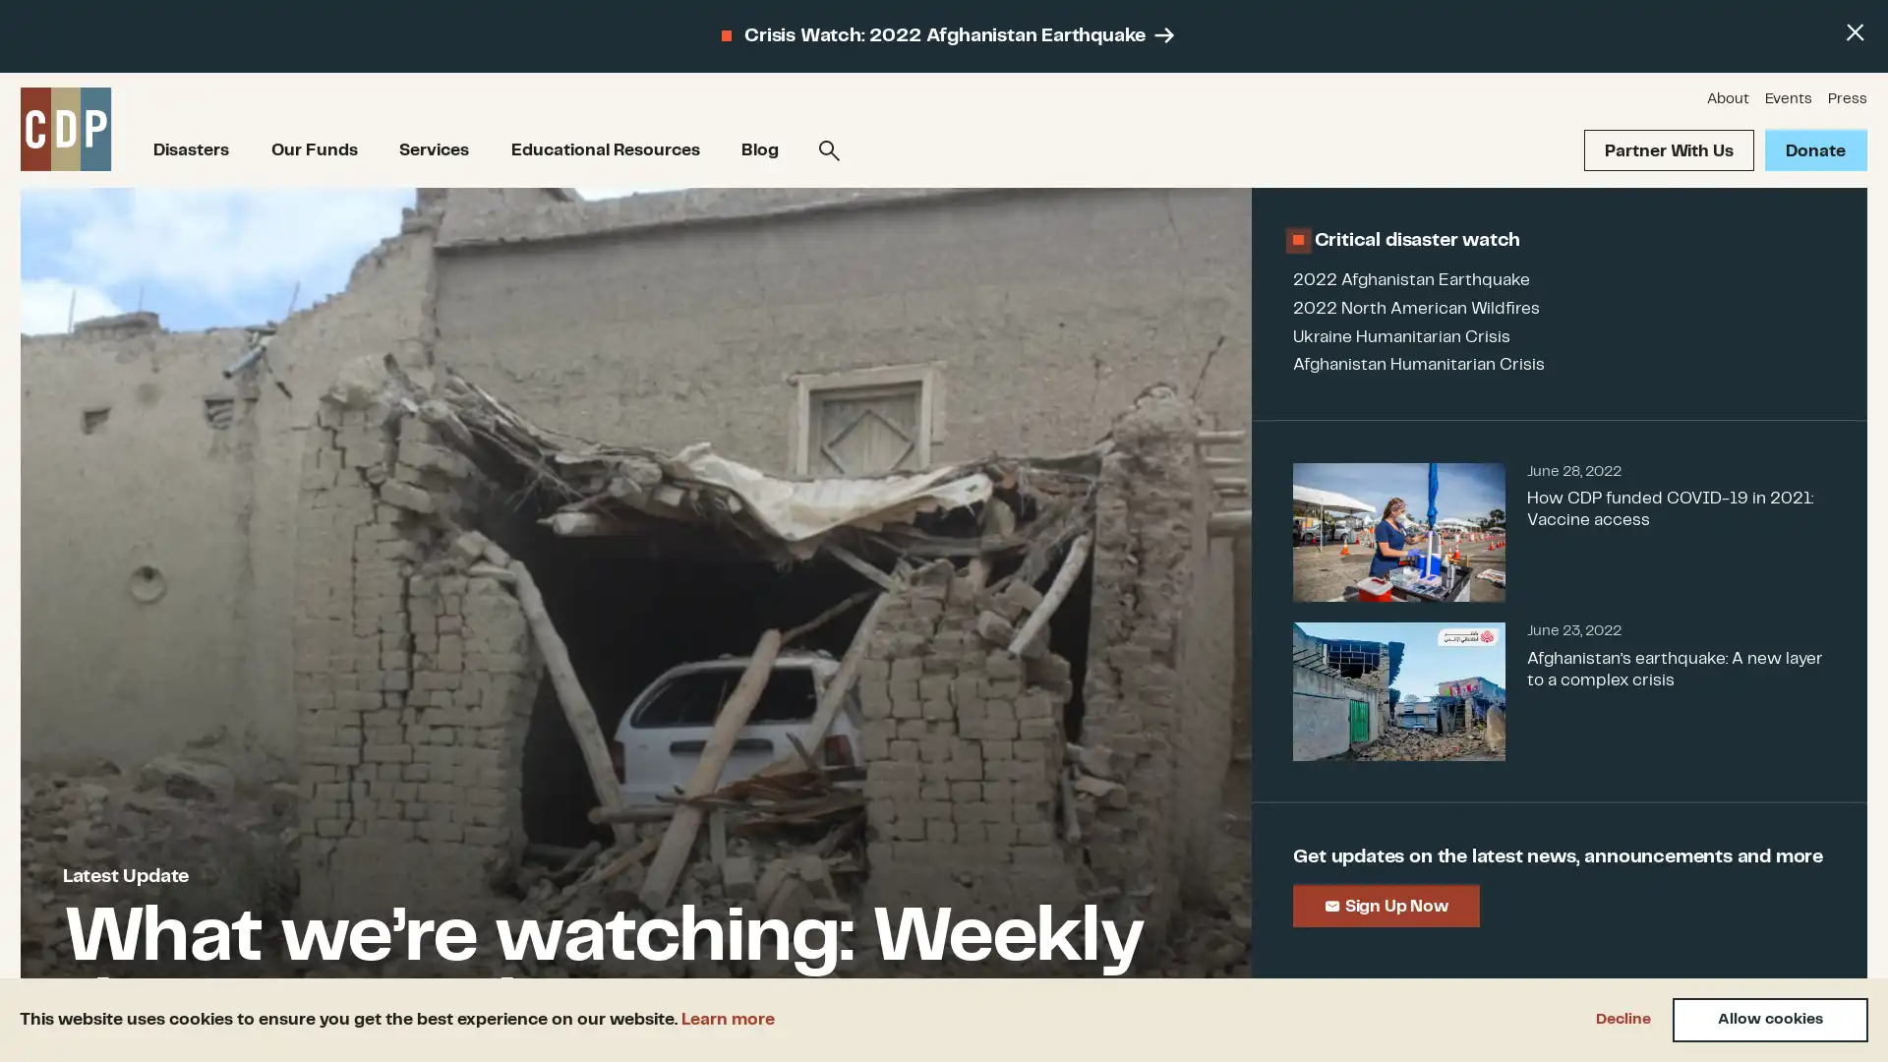  I want to click on learn more about cookies, so click(727, 1018).